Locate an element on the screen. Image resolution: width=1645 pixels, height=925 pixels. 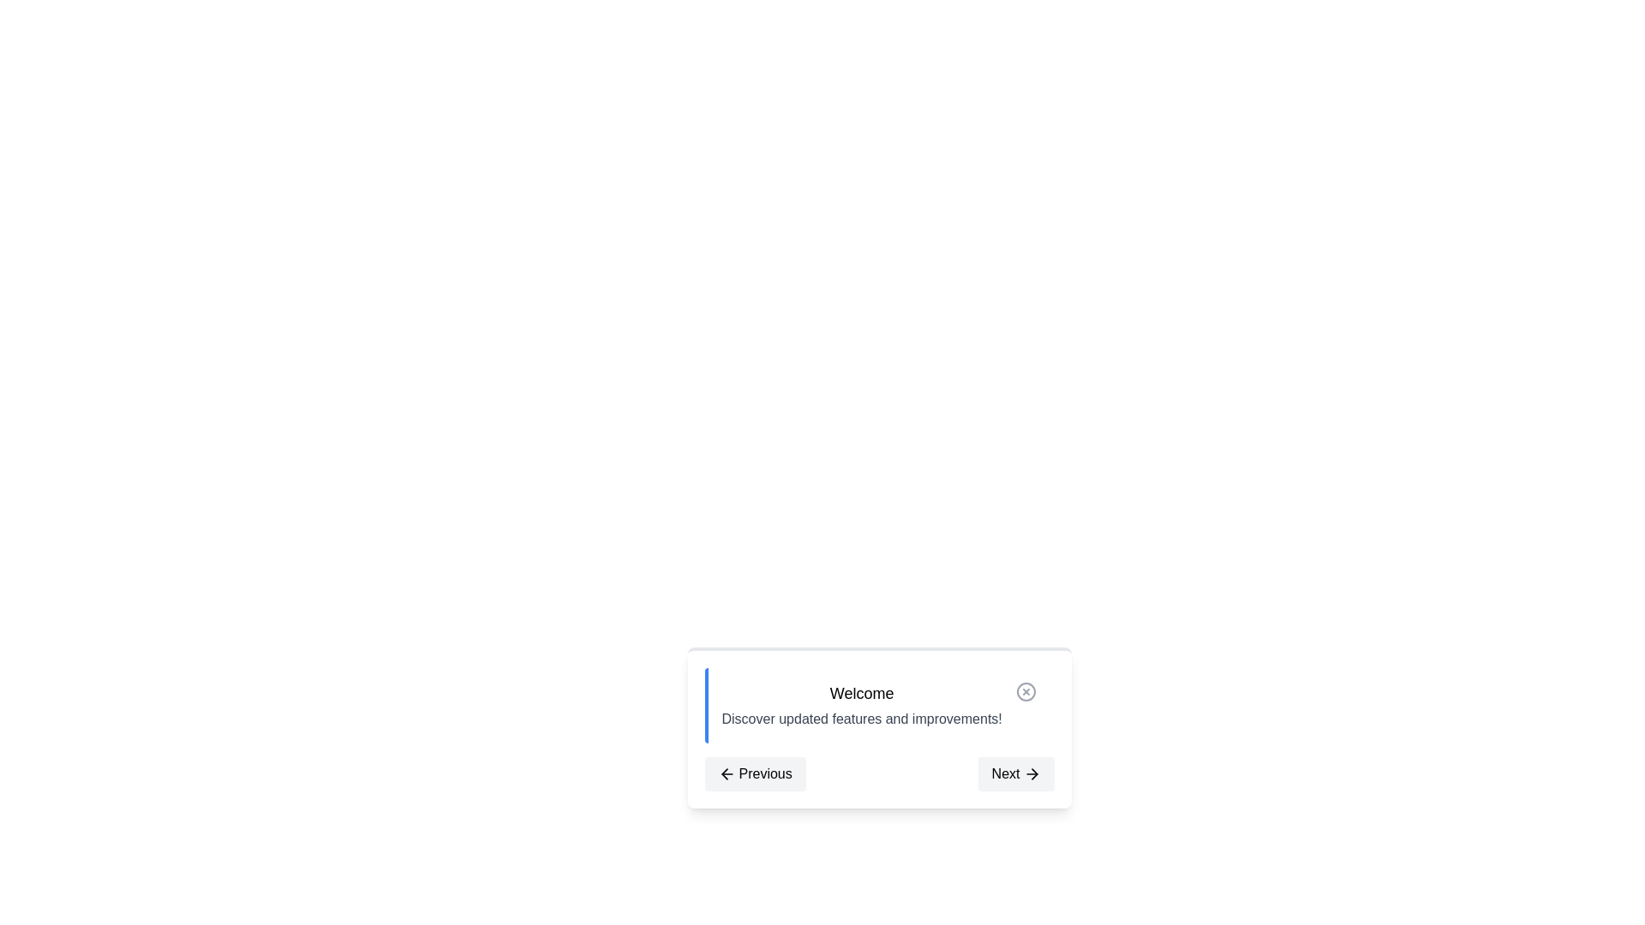
the 'Previous' button, which features bold black text on a light gray rounded rectangular background is located at coordinates (764, 773).